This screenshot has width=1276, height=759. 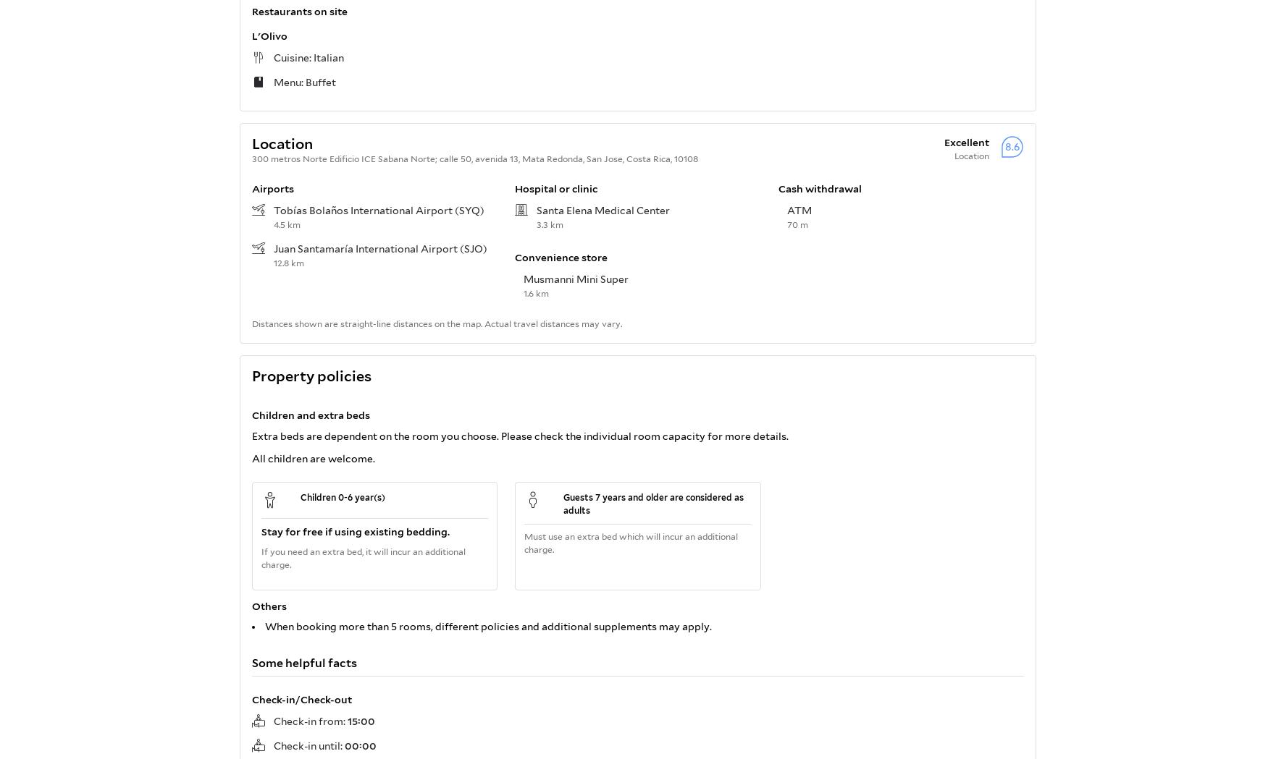 What do you see at coordinates (1011, 145) in the screenshot?
I see `'8.6'` at bounding box center [1011, 145].